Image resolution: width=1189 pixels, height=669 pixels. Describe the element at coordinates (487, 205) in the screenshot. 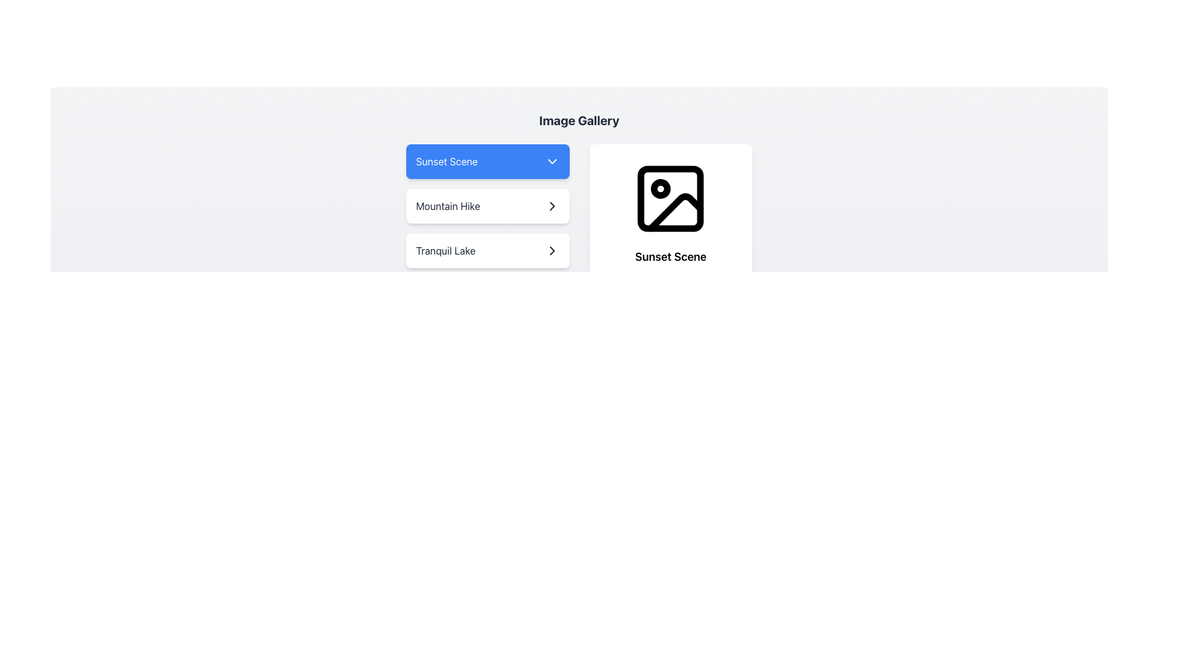

I see `the 'Mountain Hike' button located in the vertical list of options under 'Sunset Scene'` at that location.